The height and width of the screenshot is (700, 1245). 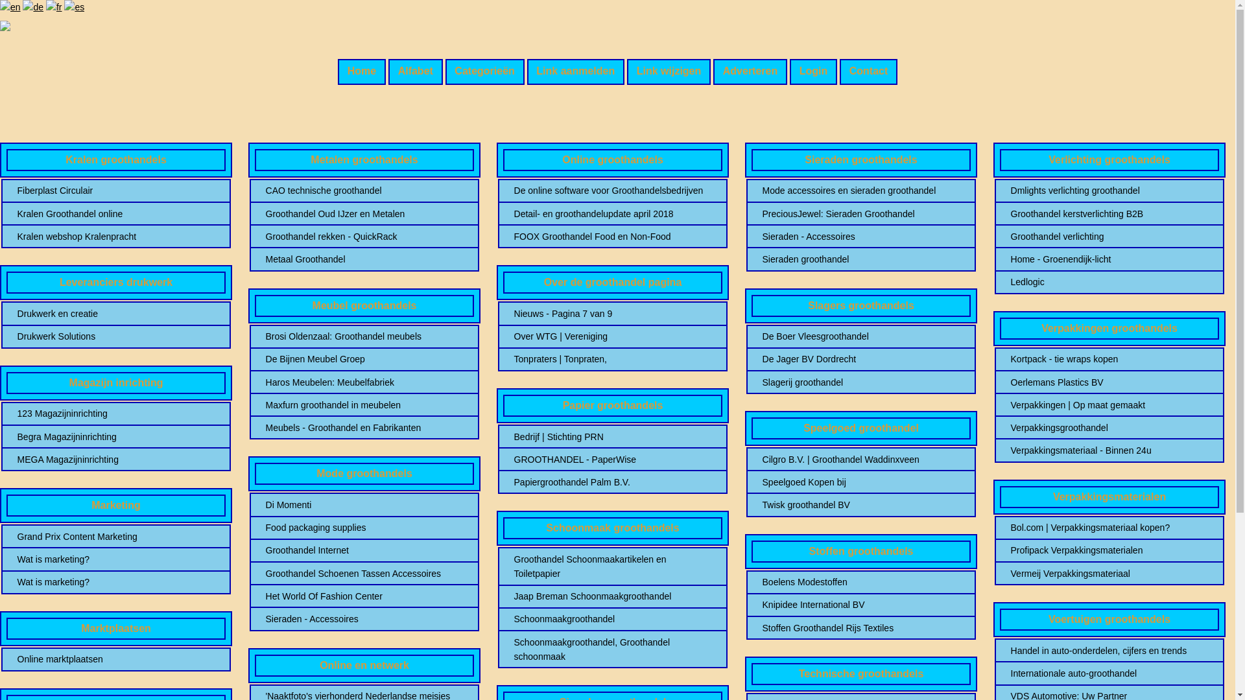 I want to click on 'Meubels - Groothandel en Fabrikanten', so click(x=364, y=427).